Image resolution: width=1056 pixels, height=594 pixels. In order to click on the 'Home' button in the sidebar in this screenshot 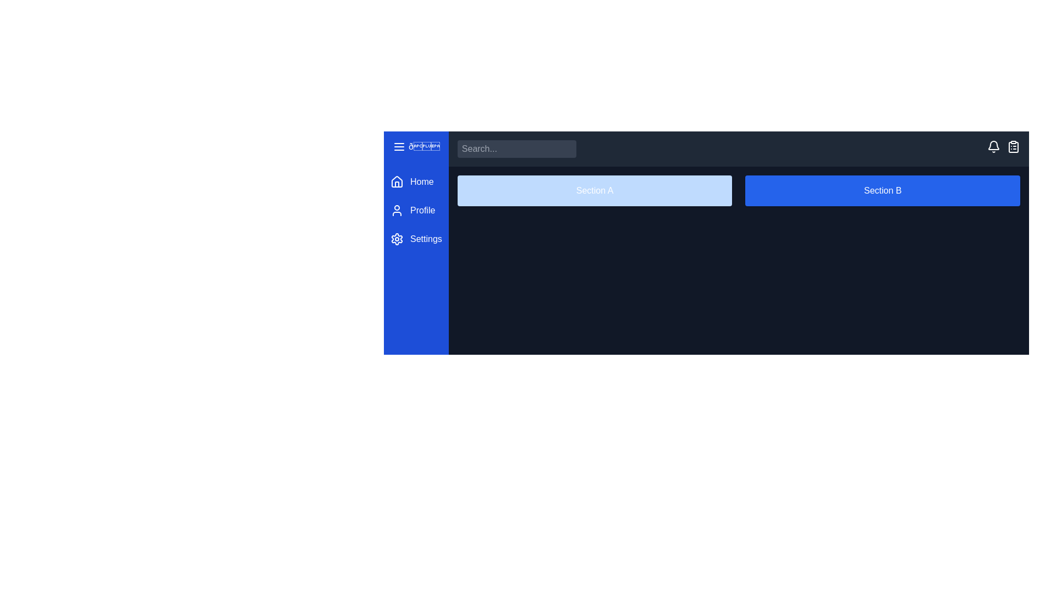, I will do `click(415, 182)`.